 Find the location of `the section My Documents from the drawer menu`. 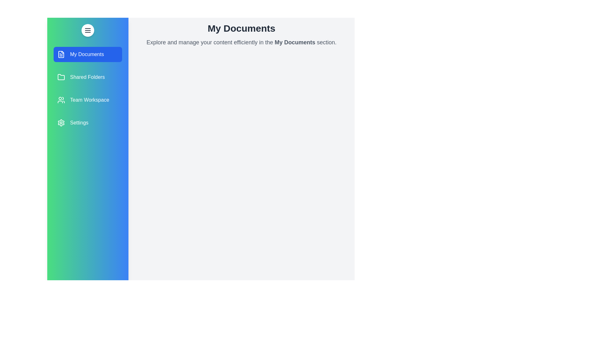

the section My Documents from the drawer menu is located at coordinates (88, 54).